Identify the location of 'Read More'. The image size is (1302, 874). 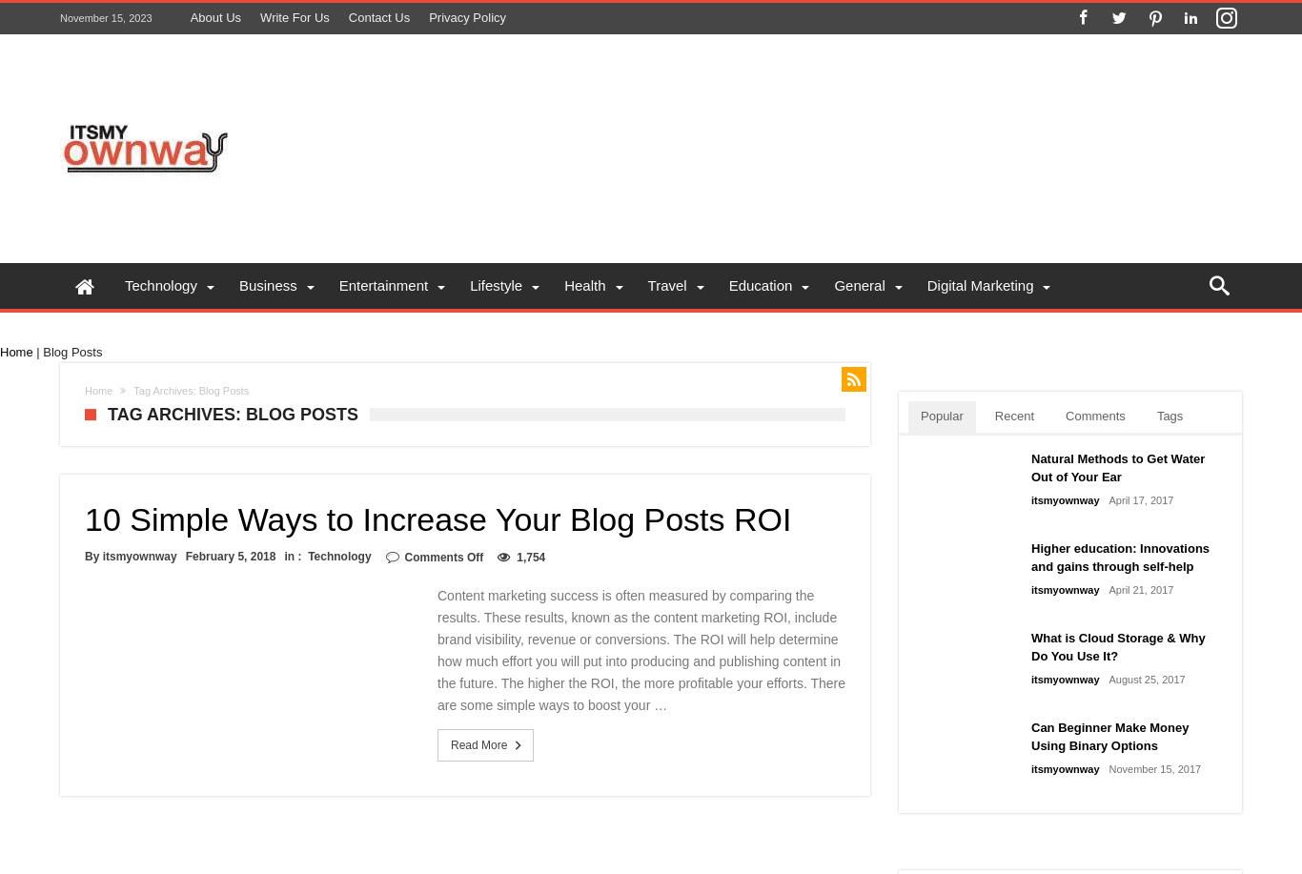
(478, 744).